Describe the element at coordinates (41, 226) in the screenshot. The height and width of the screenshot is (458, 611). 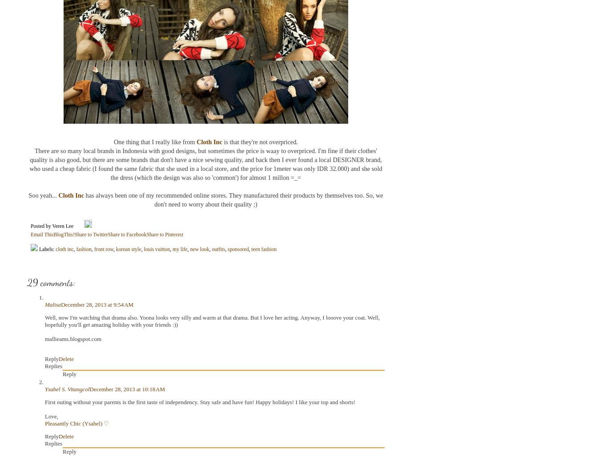
I see `'Posted by'` at that location.